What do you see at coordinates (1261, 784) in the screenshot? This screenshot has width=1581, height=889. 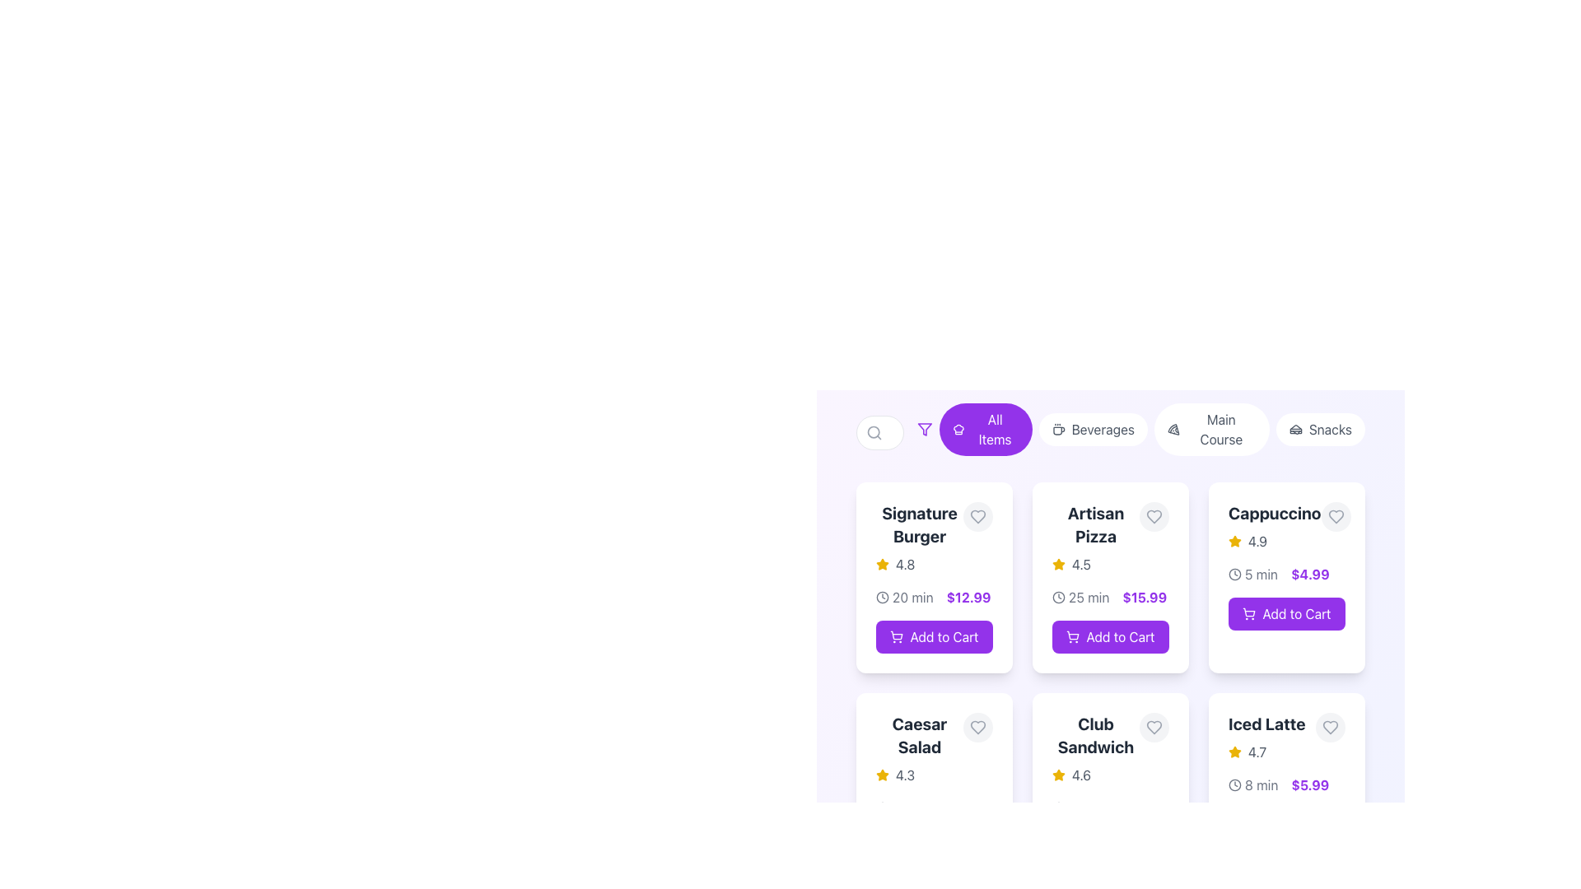 I see `the text label displaying '8 min', which is located in the bottom card of the rightmost column in the grid layout of menu items, specifically in the 'Iced Latte' card, to the left of the price label and below the star rating` at bounding box center [1261, 784].